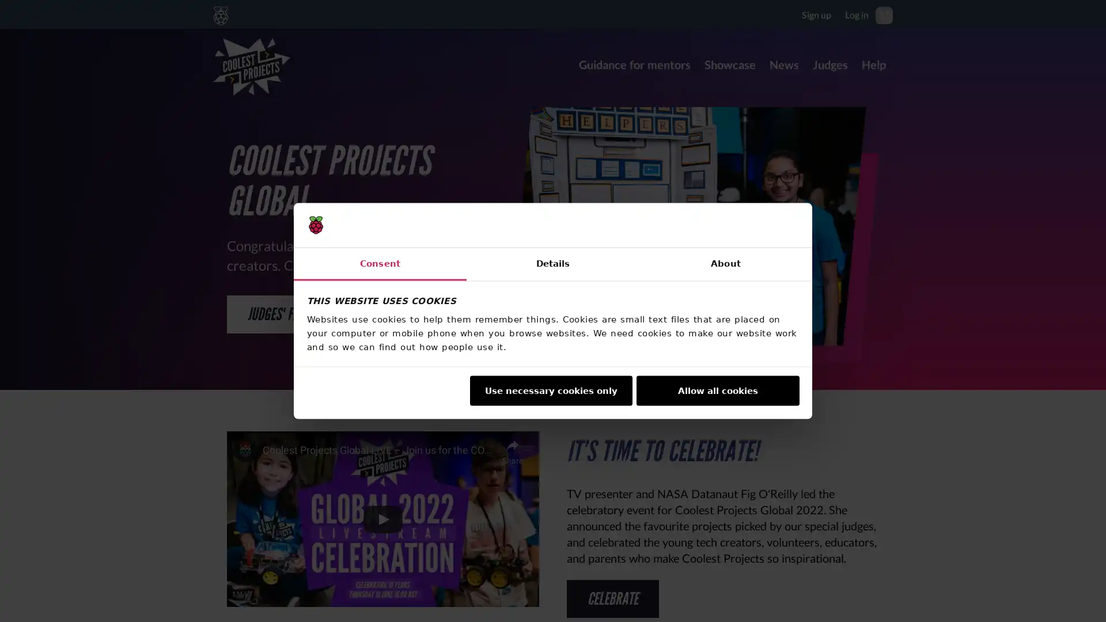 This screenshot has width=1106, height=622. What do you see at coordinates (816, 14) in the screenshot?
I see `Sign up` at bounding box center [816, 14].